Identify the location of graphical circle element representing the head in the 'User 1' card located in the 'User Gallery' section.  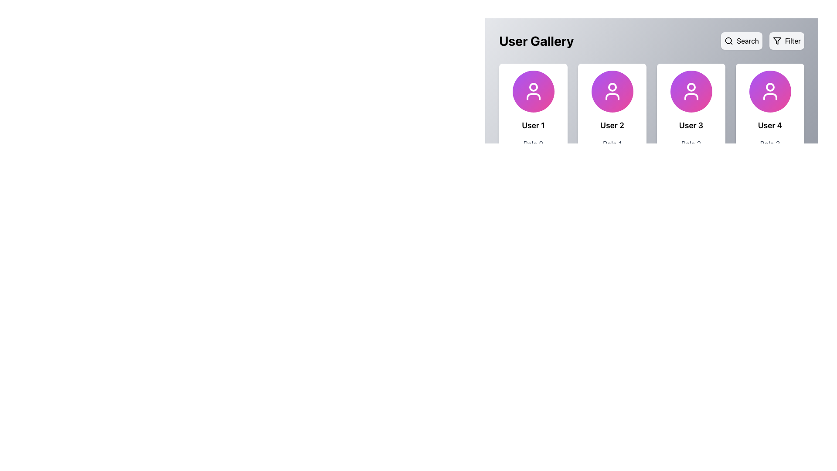
(533, 87).